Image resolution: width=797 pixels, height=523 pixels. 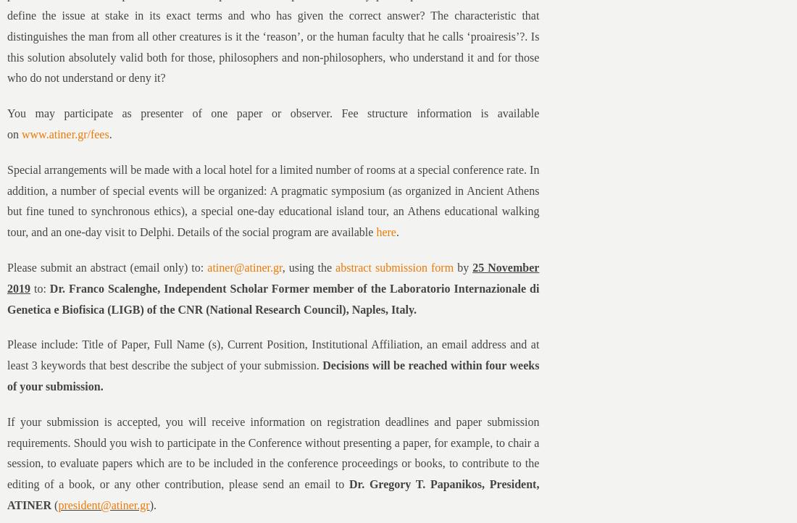 What do you see at coordinates (243, 267) in the screenshot?
I see `'atiner@atiner.gr'` at bounding box center [243, 267].